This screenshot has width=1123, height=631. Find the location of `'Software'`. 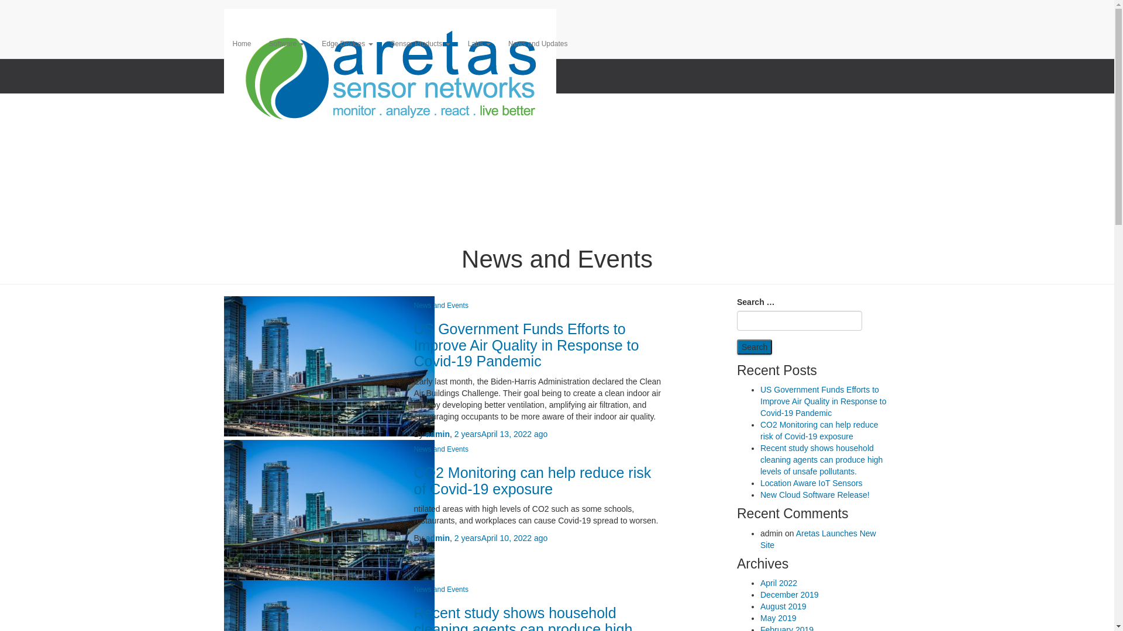

'Software' is located at coordinates (287, 43).